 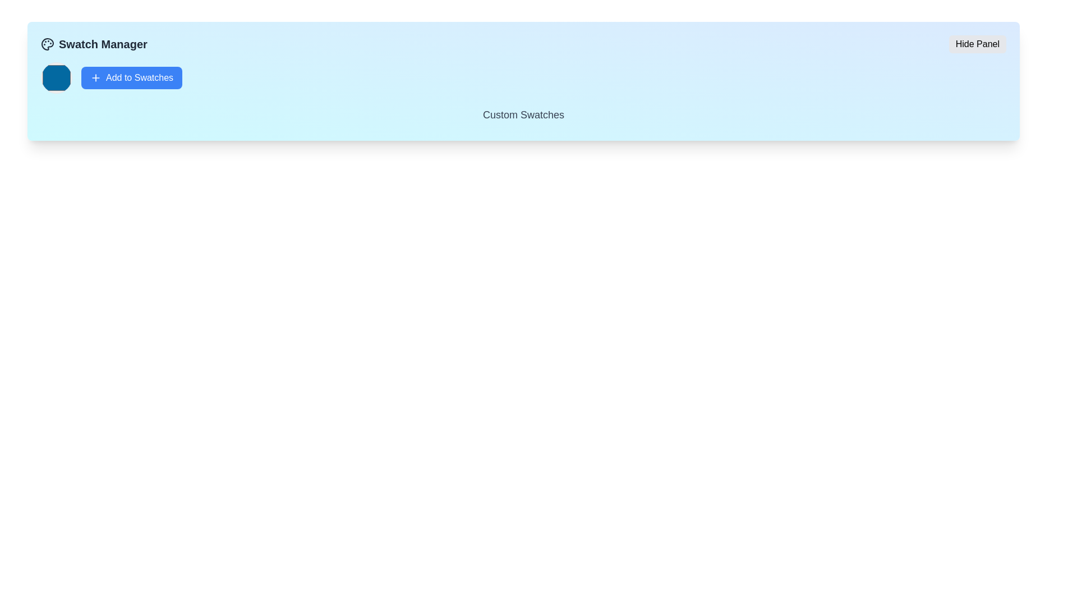 What do you see at coordinates (47, 43) in the screenshot?
I see `the 'Swatch Manager' icon located at the top left side of the interface, adjacent to the text label in the header` at bounding box center [47, 43].